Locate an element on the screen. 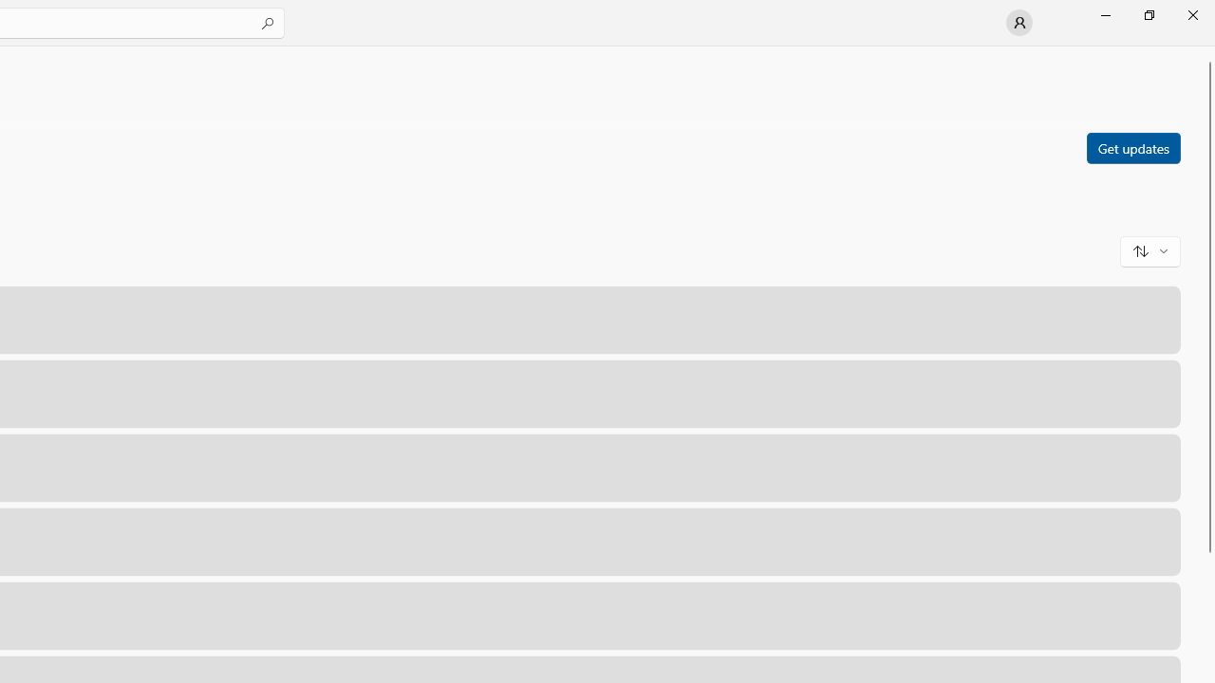 The image size is (1215, 683). 'Close Microsoft Store' is located at coordinates (1191, 14).